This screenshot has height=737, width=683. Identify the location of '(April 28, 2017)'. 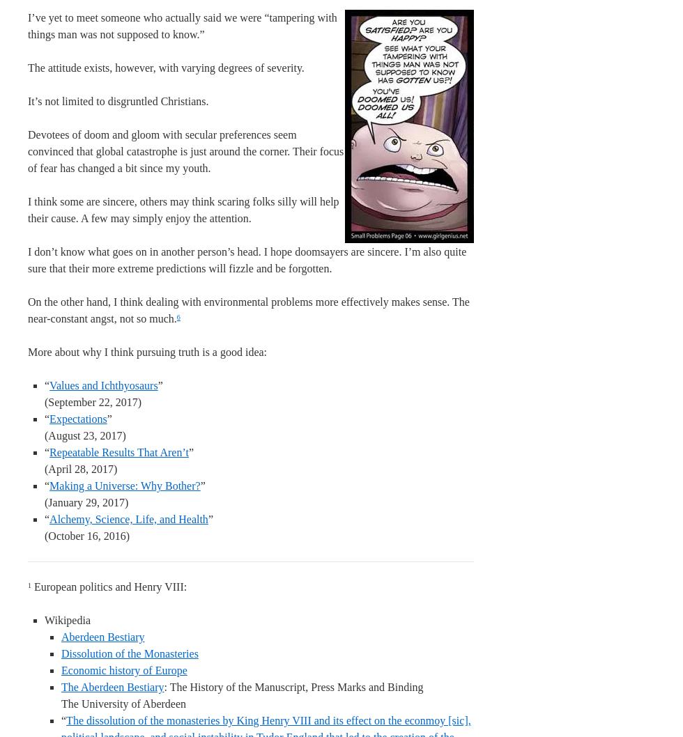
(81, 468).